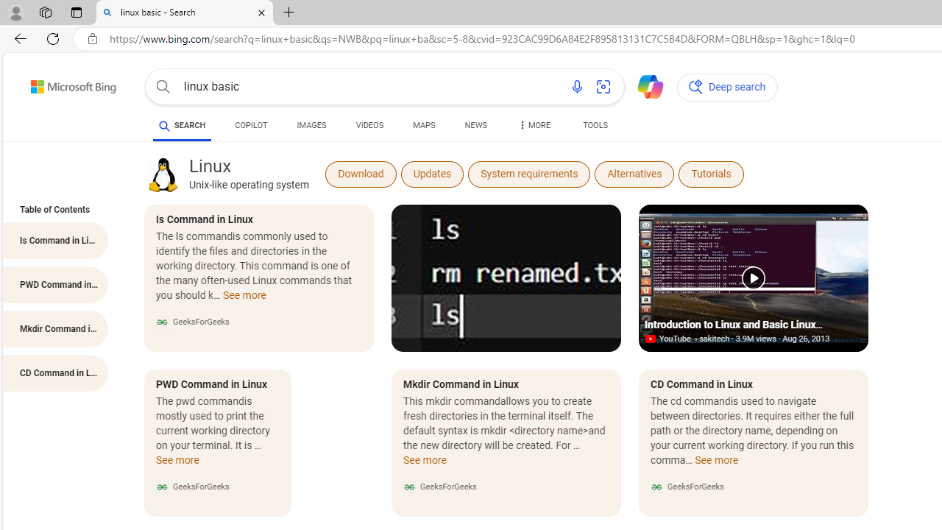  What do you see at coordinates (63, 84) in the screenshot?
I see `'Back to Bing search'` at bounding box center [63, 84].